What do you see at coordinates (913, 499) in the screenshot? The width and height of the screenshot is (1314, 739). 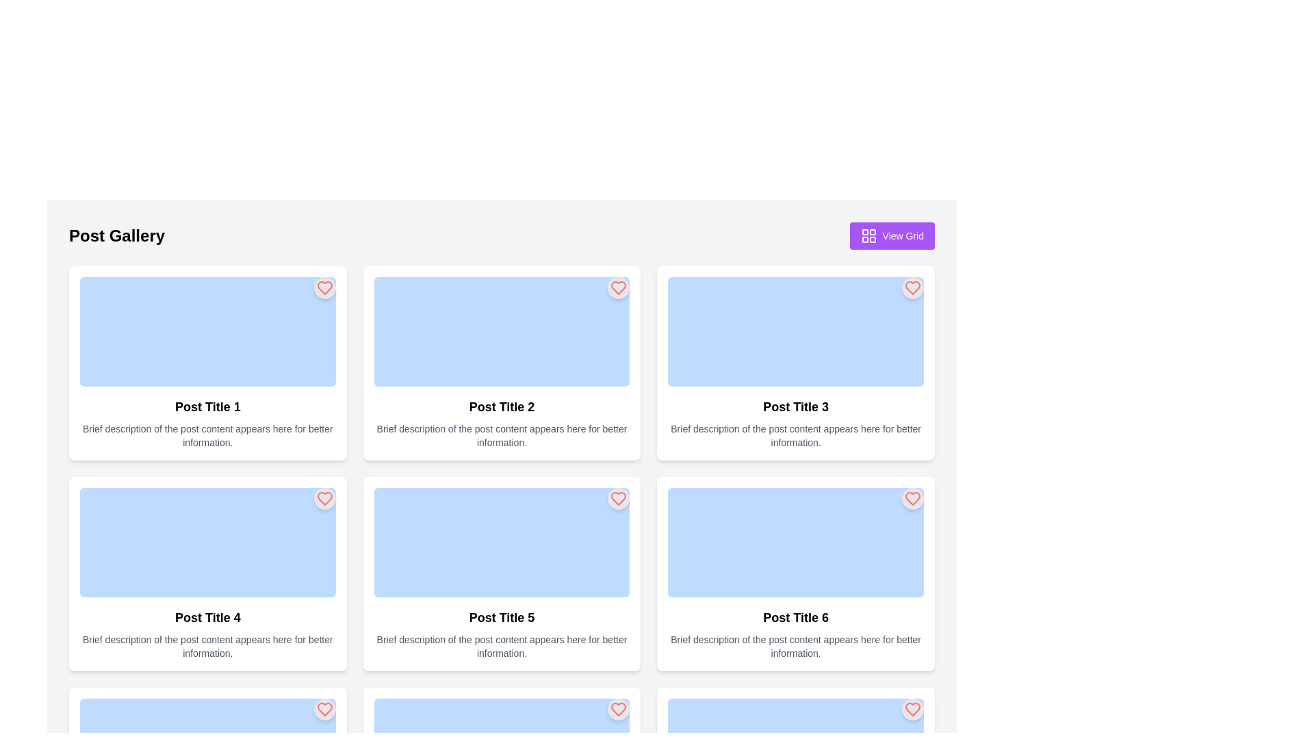 I see `the heart icon in the top-right corner of the card labeled 'Post Title 6' to mark the post as liked` at bounding box center [913, 499].